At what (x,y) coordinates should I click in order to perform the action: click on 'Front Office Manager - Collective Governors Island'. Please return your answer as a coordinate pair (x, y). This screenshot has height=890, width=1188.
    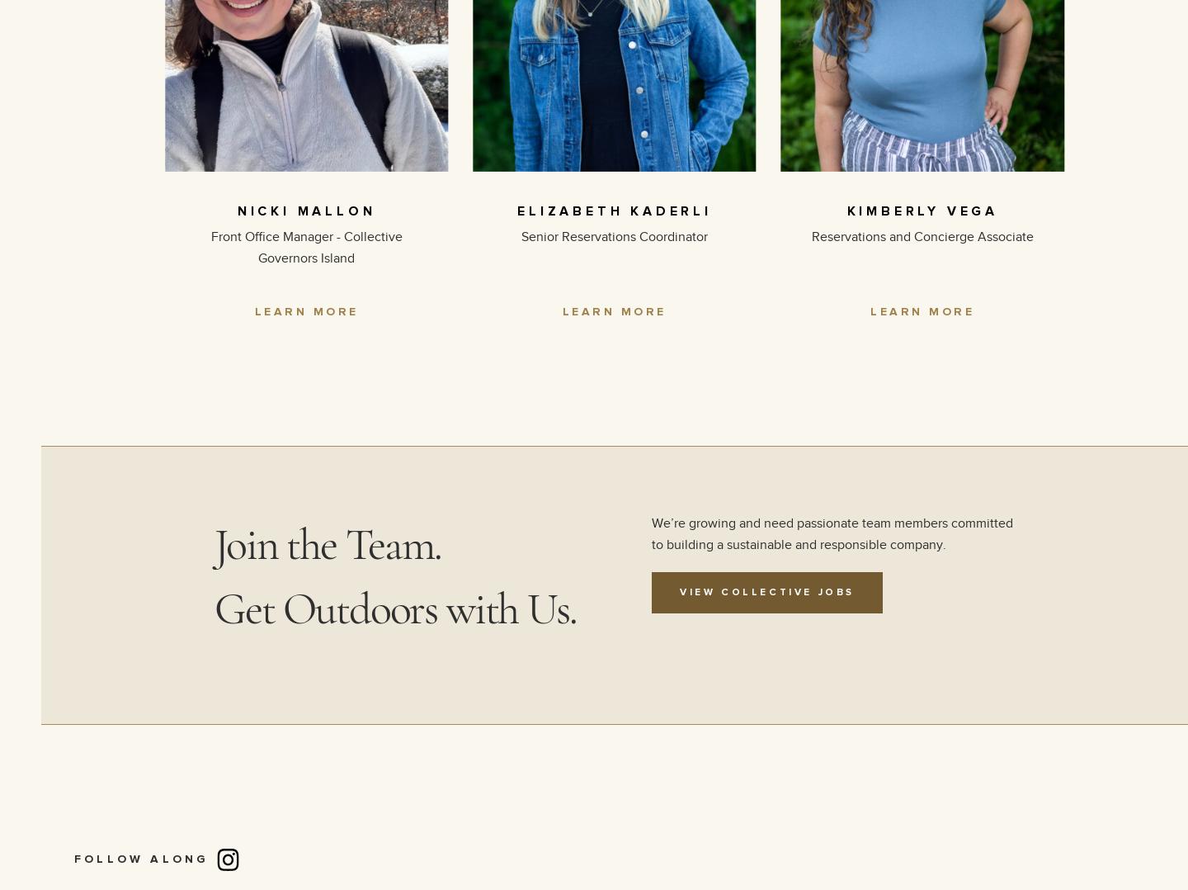
    Looking at the image, I should click on (304, 247).